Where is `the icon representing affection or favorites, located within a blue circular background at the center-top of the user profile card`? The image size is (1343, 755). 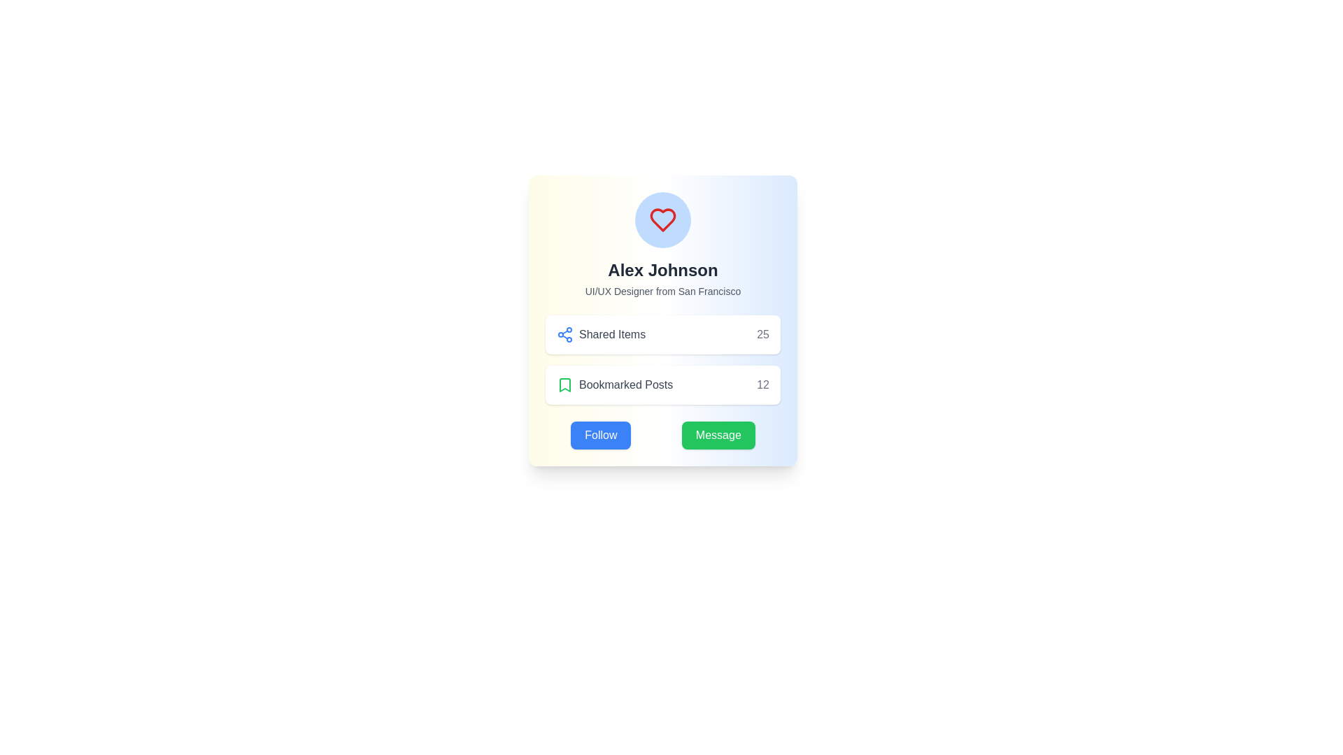 the icon representing affection or favorites, located within a blue circular background at the center-top of the user profile card is located at coordinates (662, 220).